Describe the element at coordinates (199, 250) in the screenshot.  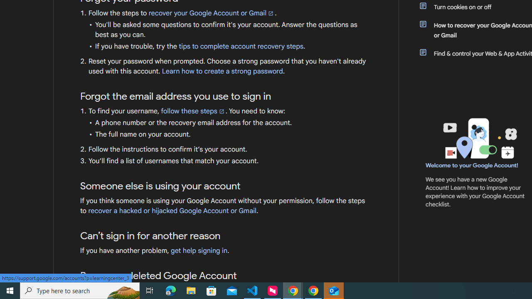
I see `'get help signing in'` at that location.